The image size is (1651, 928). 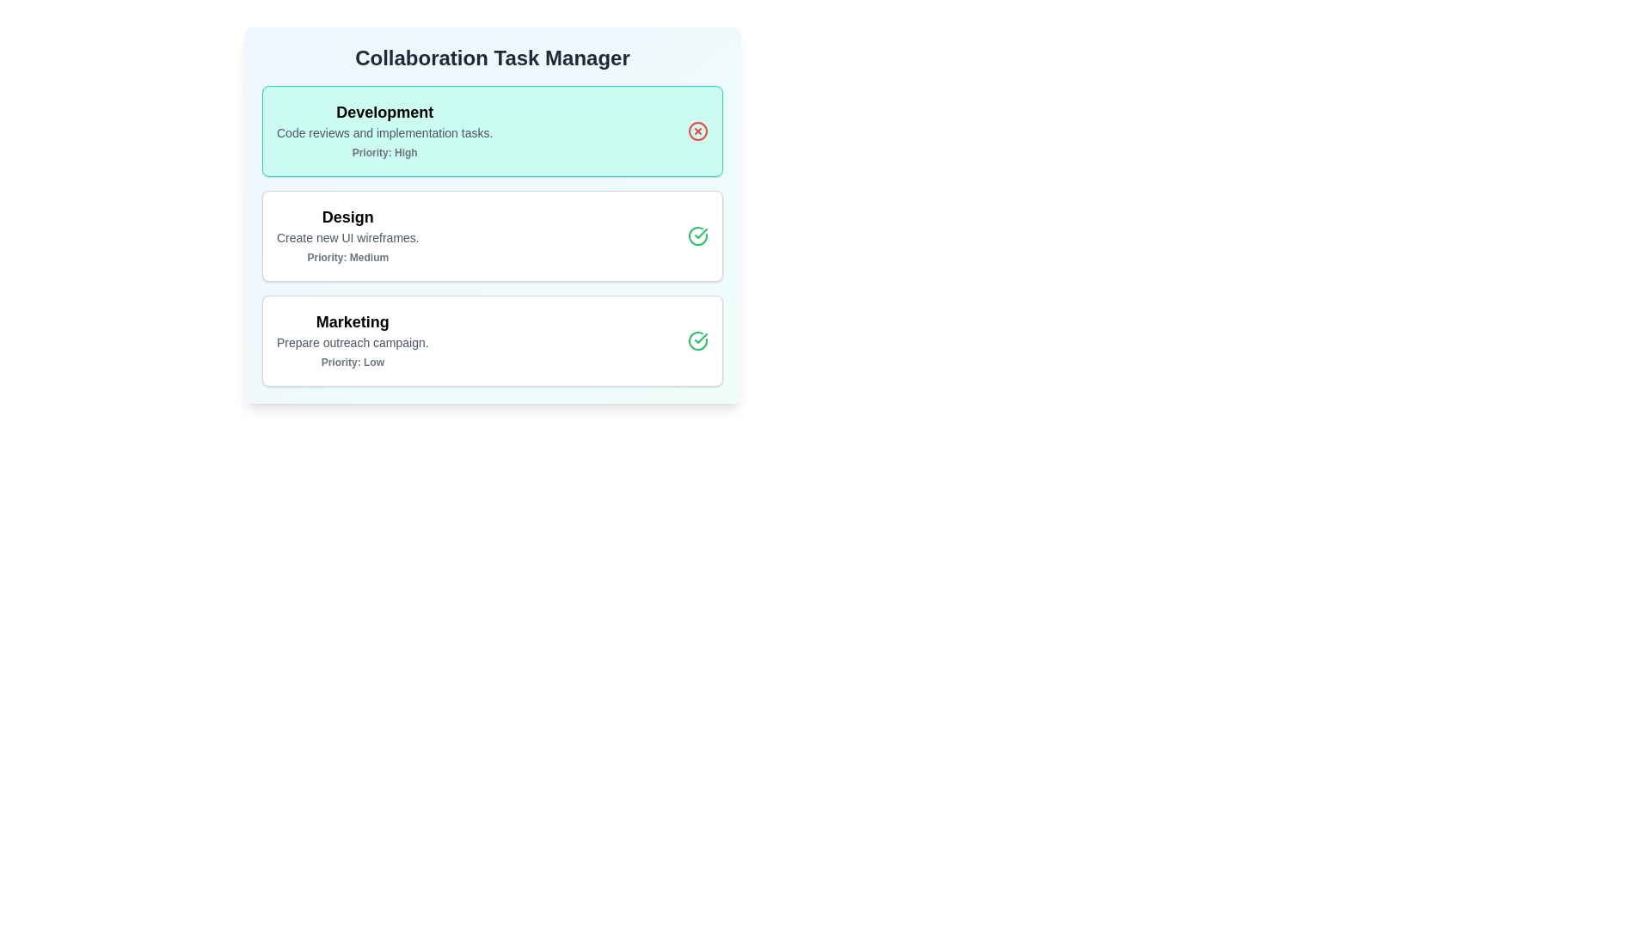 What do you see at coordinates (491, 131) in the screenshot?
I see `the task Development to highlight it` at bounding box center [491, 131].